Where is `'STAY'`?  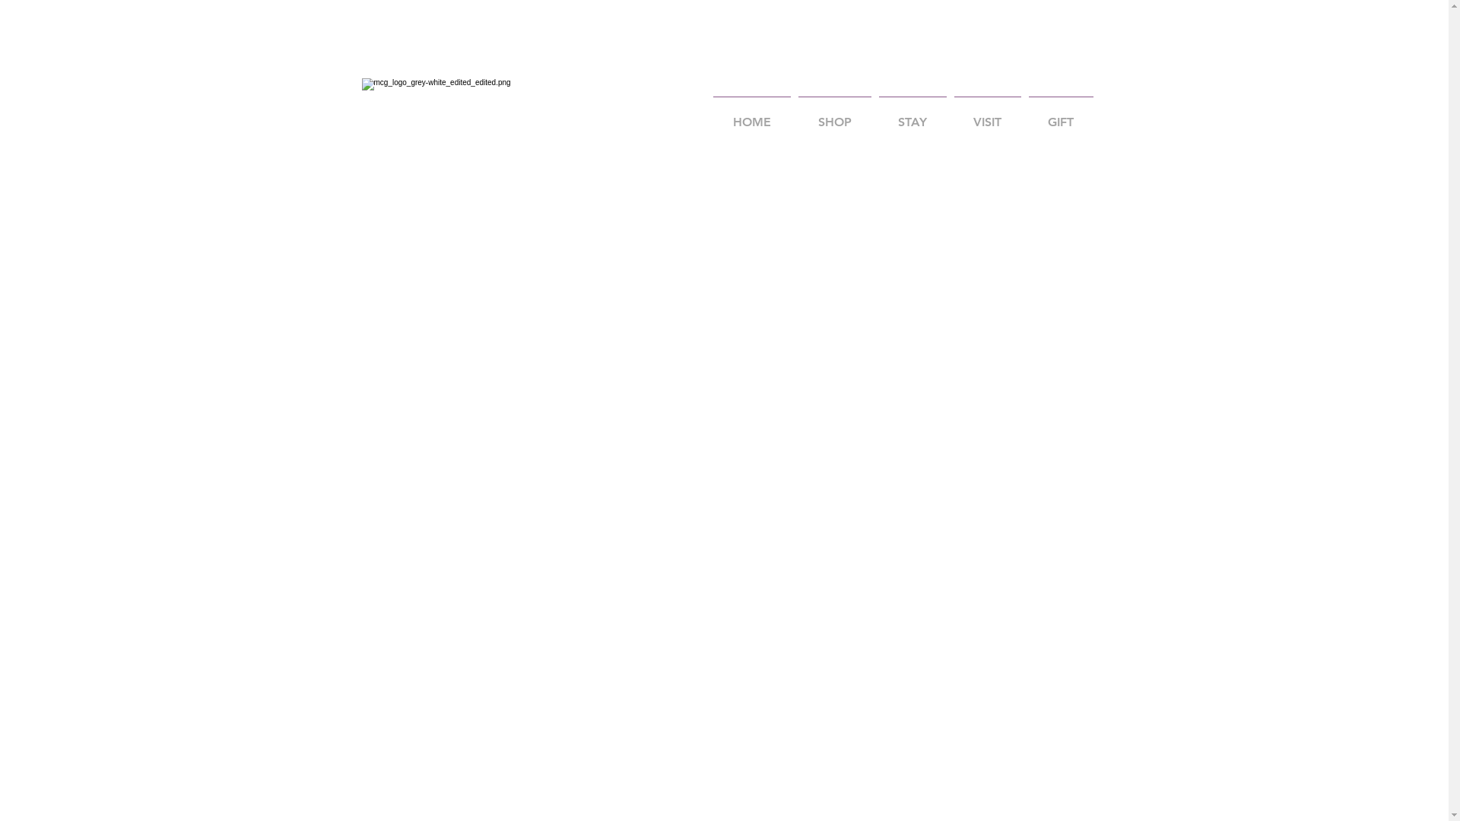
'STAY' is located at coordinates (912, 114).